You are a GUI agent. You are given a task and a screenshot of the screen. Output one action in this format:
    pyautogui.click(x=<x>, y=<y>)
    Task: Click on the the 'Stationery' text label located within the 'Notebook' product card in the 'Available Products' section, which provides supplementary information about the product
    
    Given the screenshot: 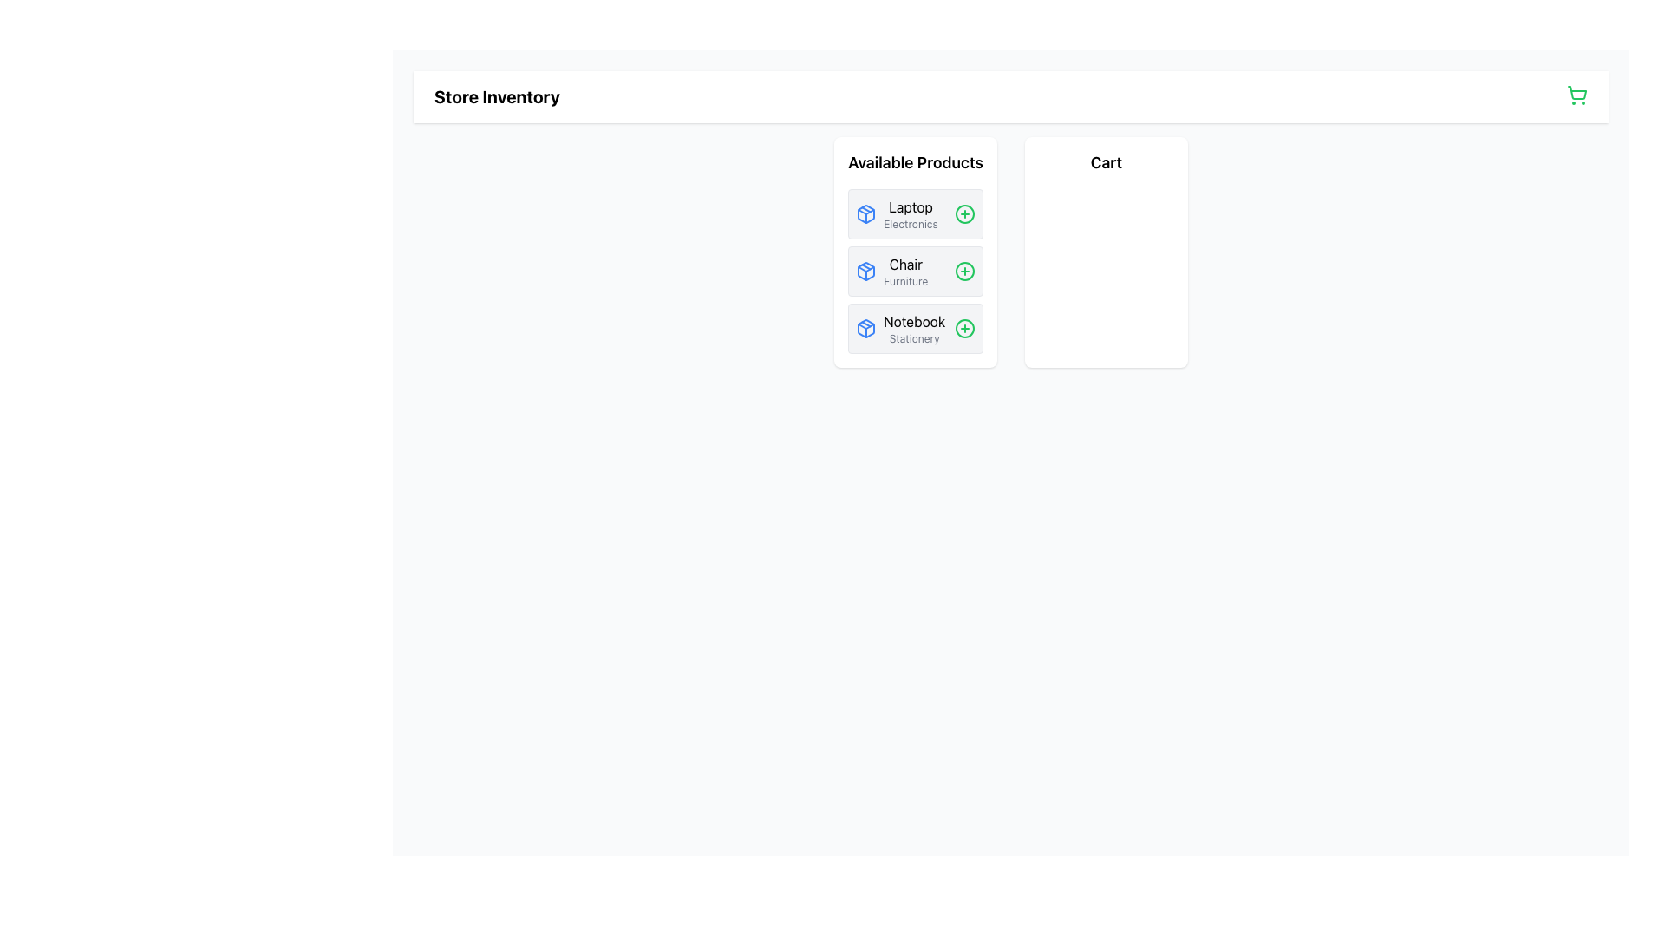 What is the action you would take?
    pyautogui.click(x=913, y=338)
    